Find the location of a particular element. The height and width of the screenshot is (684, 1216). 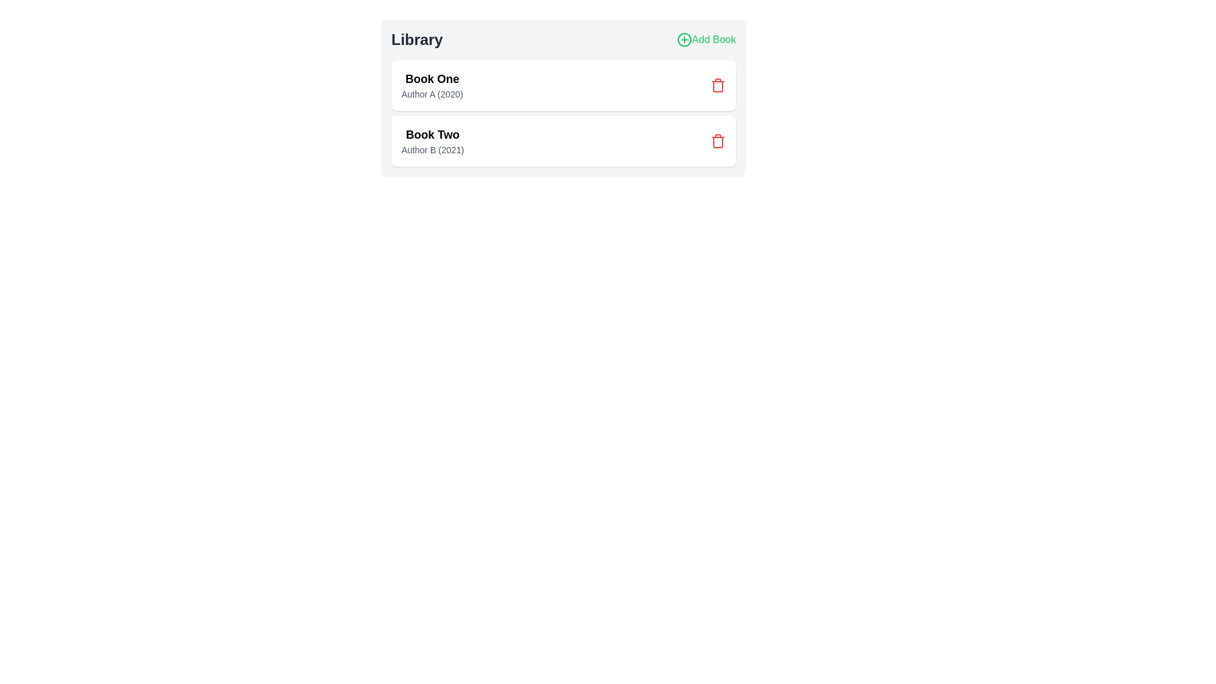

the second card is located at coordinates (562, 141).